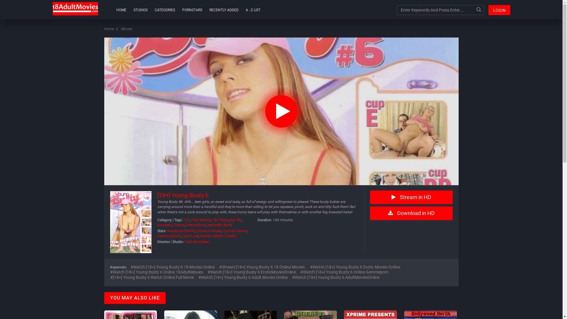 This screenshot has height=319, width=567. Describe the element at coordinates (201, 220) in the screenshot. I see `'Porn Movies'` at that location.